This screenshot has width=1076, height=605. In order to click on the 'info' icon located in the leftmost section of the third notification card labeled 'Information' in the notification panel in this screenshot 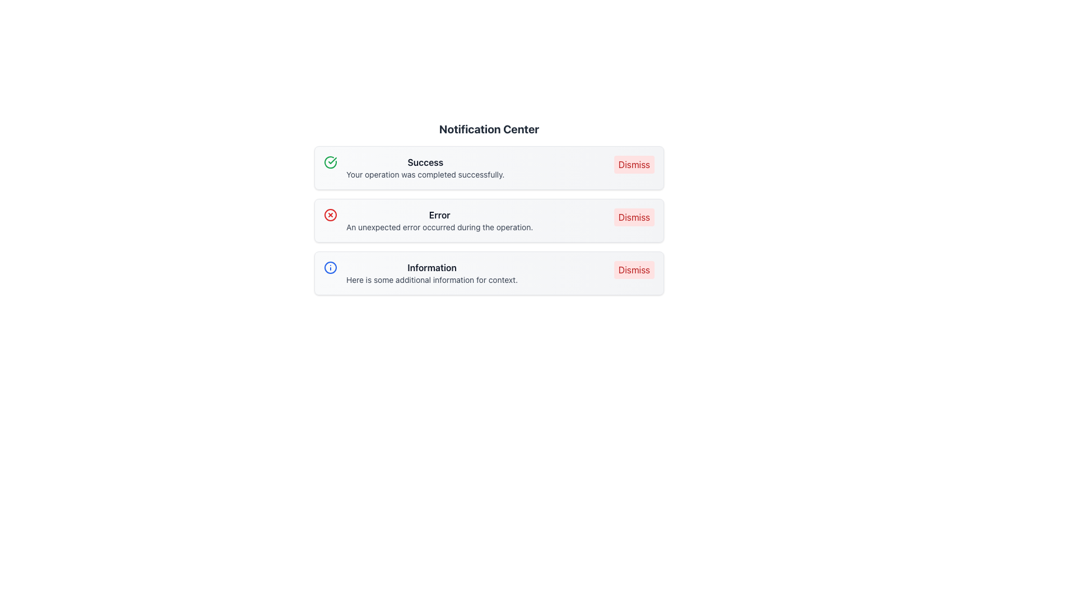, I will do `click(330, 268)`.